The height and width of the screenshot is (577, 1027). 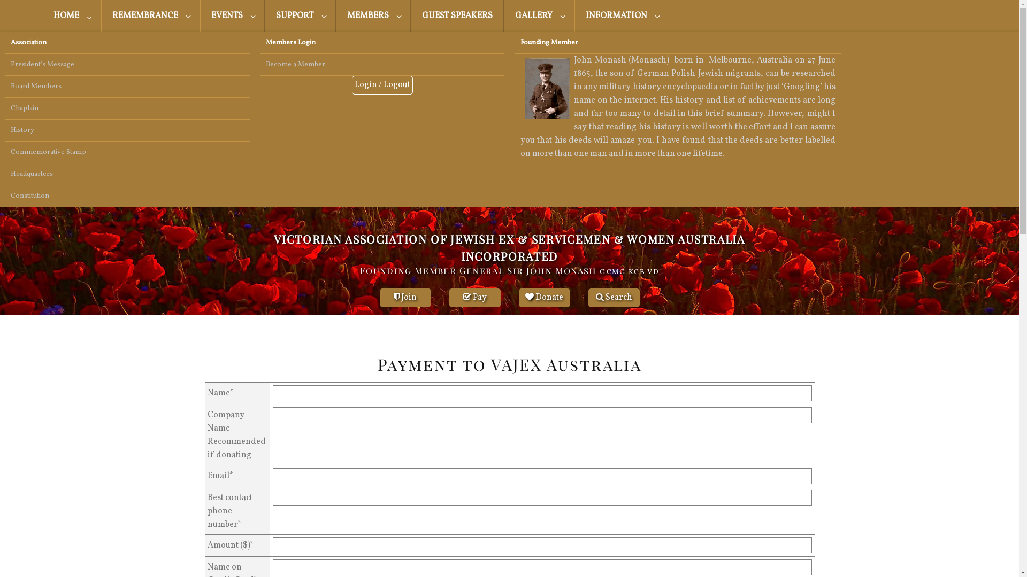 What do you see at coordinates (264, 16) in the screenshot?
I see `'SUPPORT'` at bounding box center [264, 16].